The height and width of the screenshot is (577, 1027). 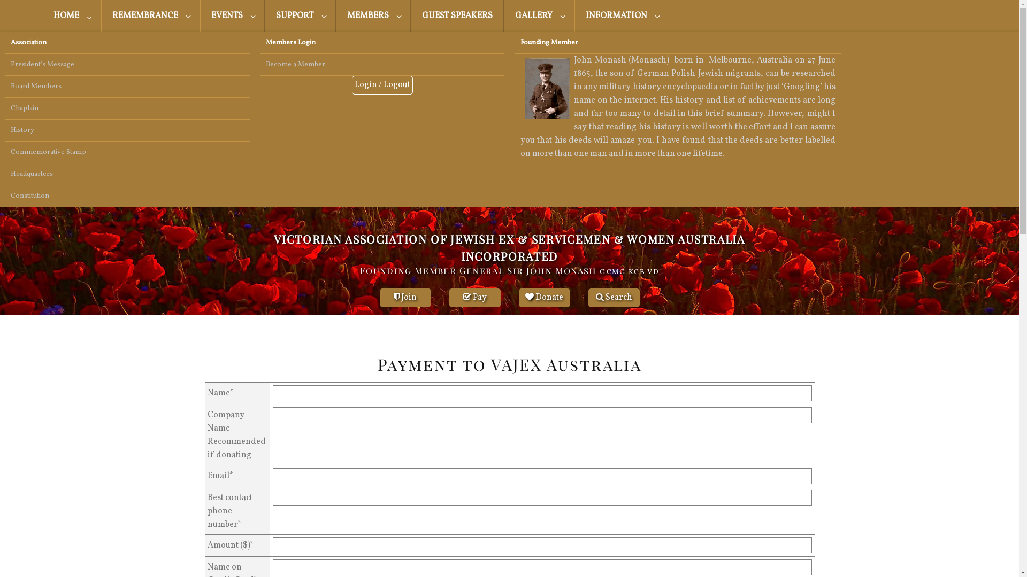 What do you see at coordinates (264, 16) in the screenshot?
I see `'SUPPORT'` at bounding box center [264, 16].